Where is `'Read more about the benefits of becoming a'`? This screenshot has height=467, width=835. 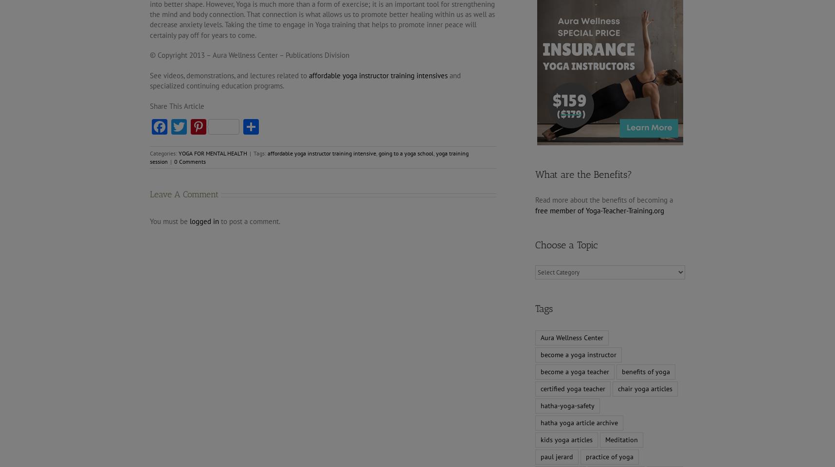 'Read more about the benefits of becoming a' is located at coordinates (534, 200).